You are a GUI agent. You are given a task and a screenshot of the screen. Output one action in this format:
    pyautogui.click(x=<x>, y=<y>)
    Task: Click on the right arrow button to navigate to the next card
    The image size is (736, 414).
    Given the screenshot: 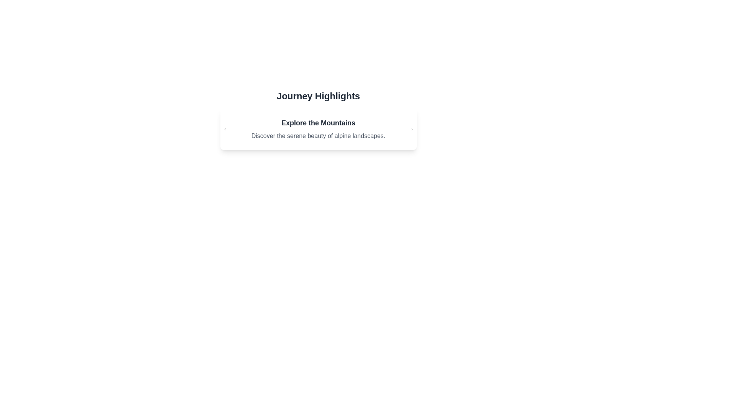 What is the action you would take?
    pyautogui.click(x=411, y=128)
    